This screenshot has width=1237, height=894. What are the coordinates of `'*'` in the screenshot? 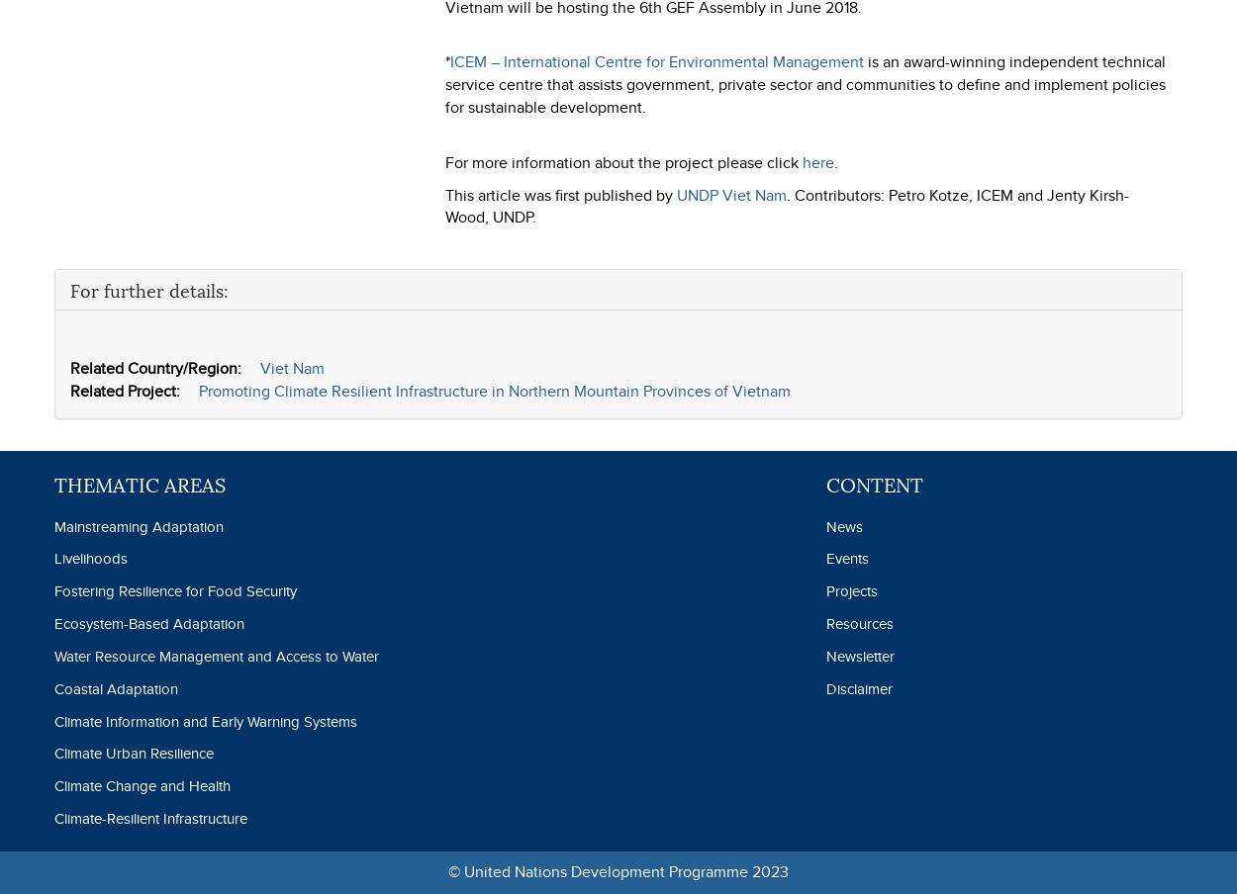 It's located at (444, 61).